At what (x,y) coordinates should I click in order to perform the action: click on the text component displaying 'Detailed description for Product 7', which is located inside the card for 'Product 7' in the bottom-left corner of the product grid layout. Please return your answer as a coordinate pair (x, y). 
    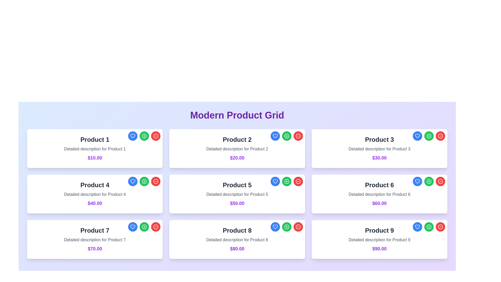
    Looking at the image, I should click on (95, 240).